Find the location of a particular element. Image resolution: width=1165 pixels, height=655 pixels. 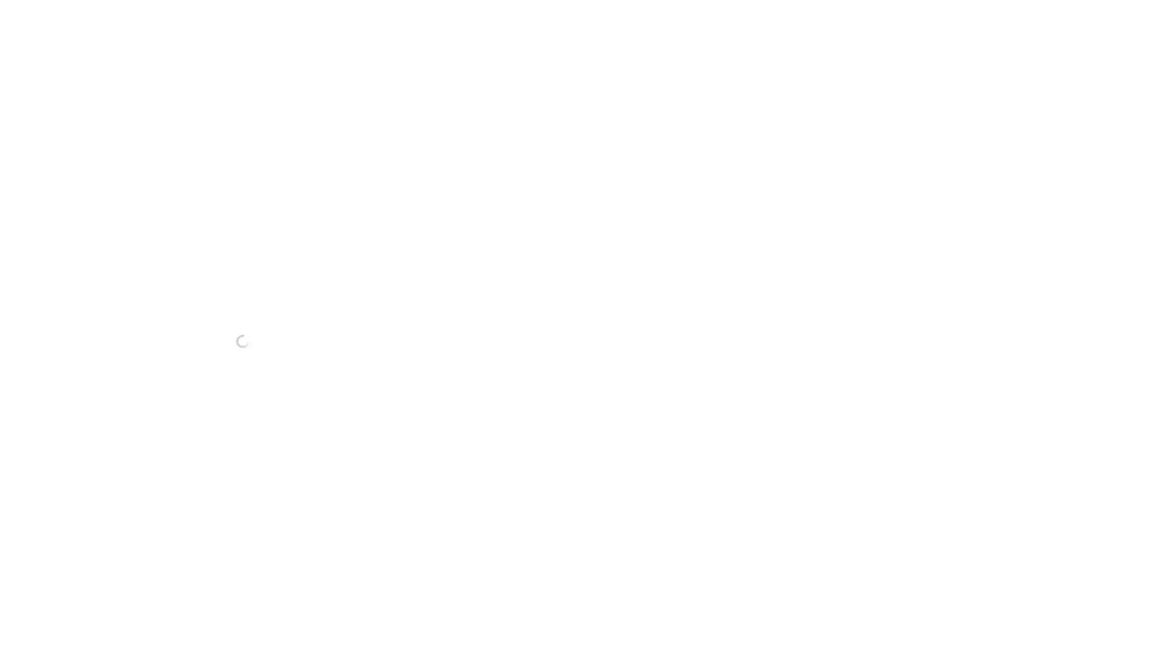

Step 2: Determine Legal Entity Structure & File Company Registration is located at coordinates (582, 220).